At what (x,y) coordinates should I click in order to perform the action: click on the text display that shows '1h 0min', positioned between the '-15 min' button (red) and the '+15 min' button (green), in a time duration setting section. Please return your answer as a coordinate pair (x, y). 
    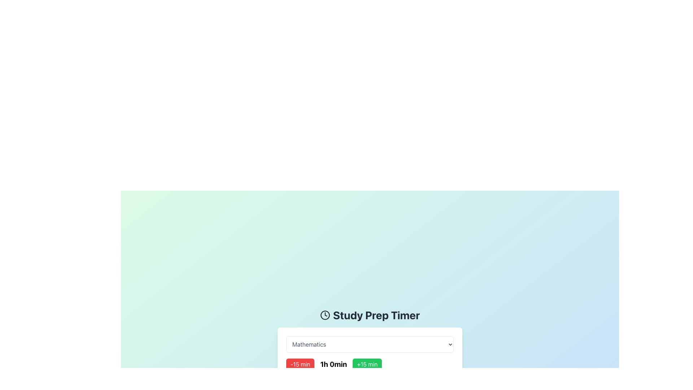
    Looking at the image, I should click on (333, 364).